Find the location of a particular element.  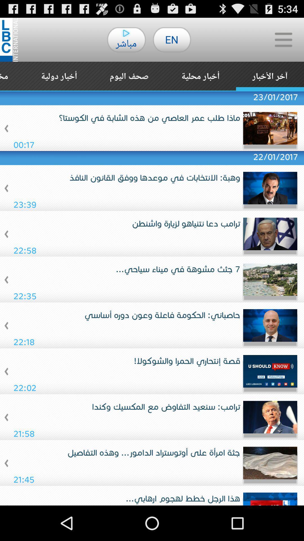

icon to the right of en item is located at coordinates (283, 39).